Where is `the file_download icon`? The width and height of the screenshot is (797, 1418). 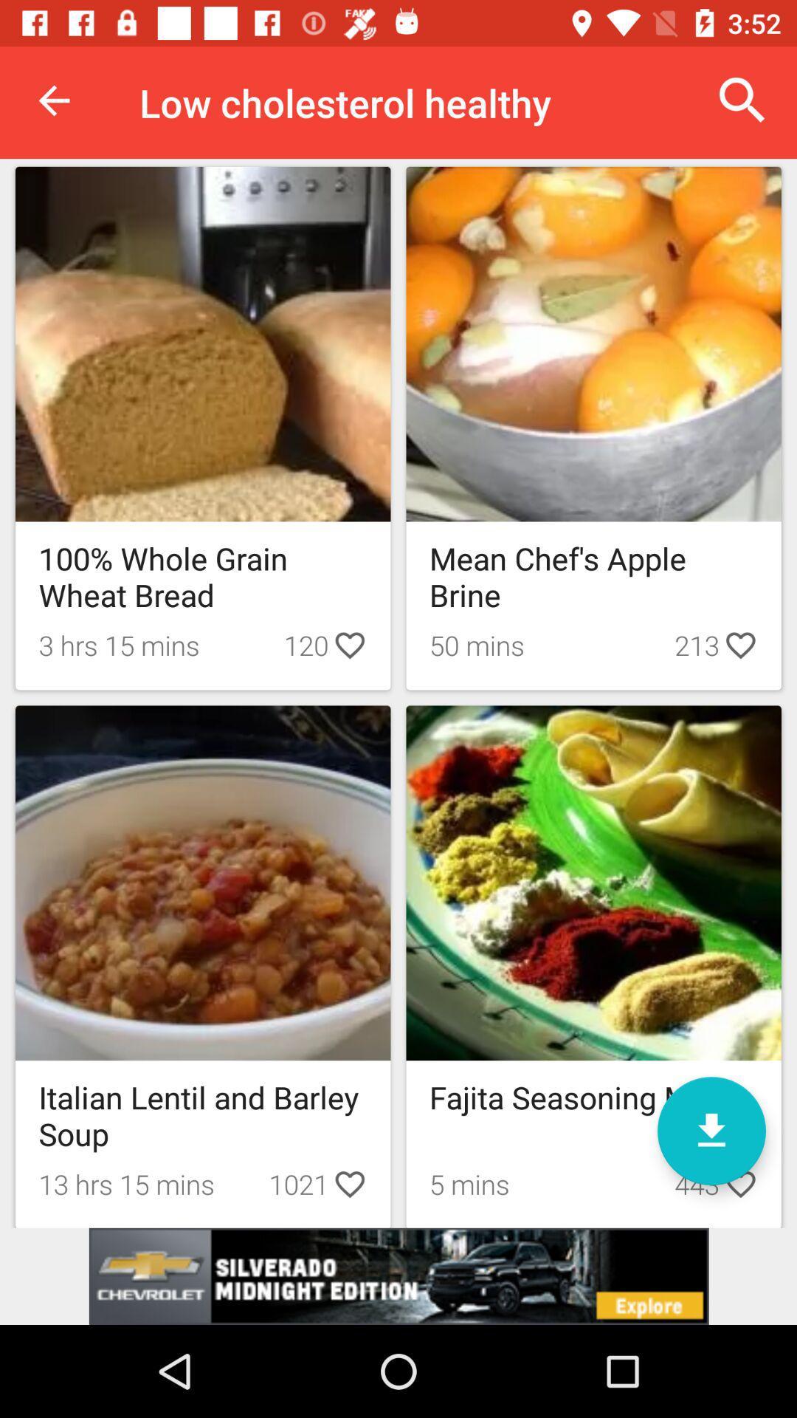
the file_download icon is located at coordinates (711, 1130).